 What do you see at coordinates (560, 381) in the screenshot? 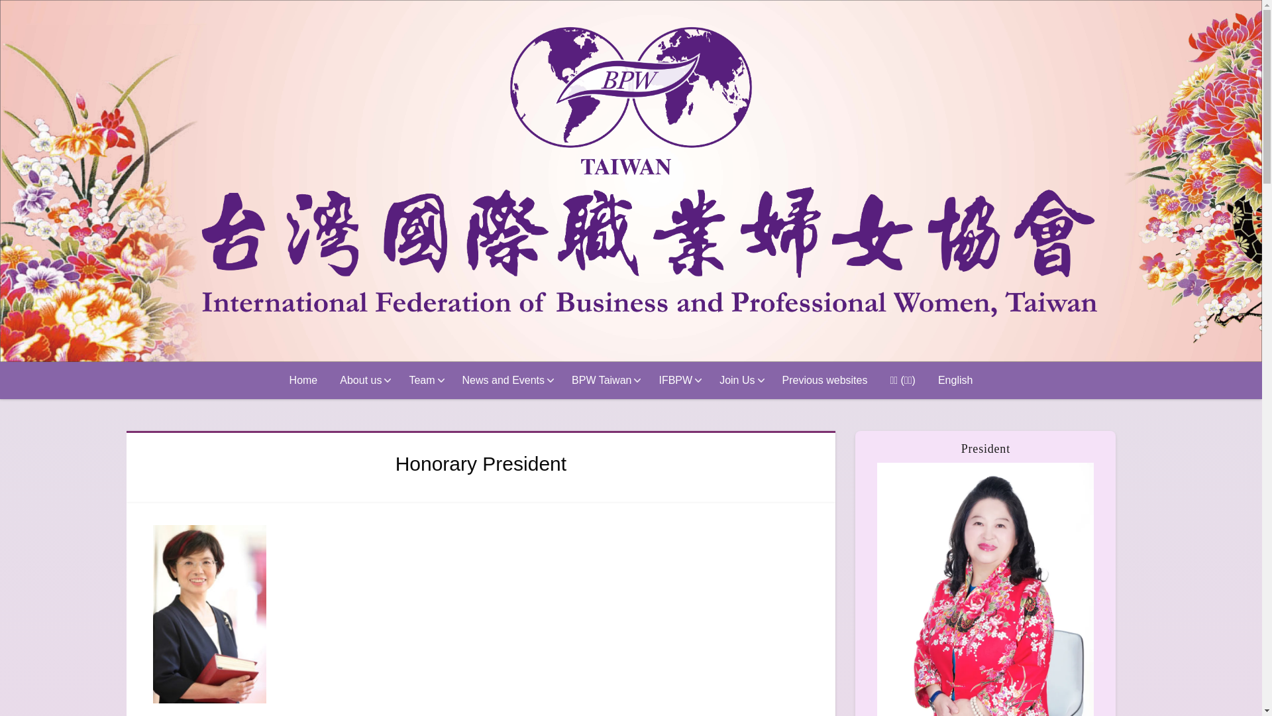
I see `'BPW Taiwan'` at bounding box center [560, 381].